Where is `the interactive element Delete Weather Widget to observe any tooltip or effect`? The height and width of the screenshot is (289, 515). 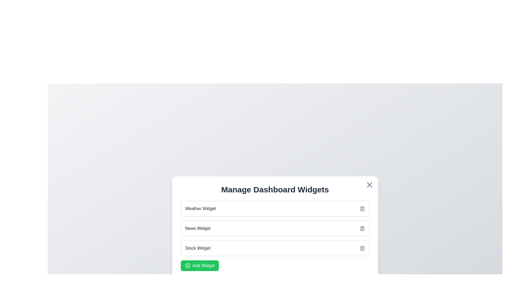 the interactive element Delete Weather Widget to observe any tooltip or effect is located at coordinates (362, 208).